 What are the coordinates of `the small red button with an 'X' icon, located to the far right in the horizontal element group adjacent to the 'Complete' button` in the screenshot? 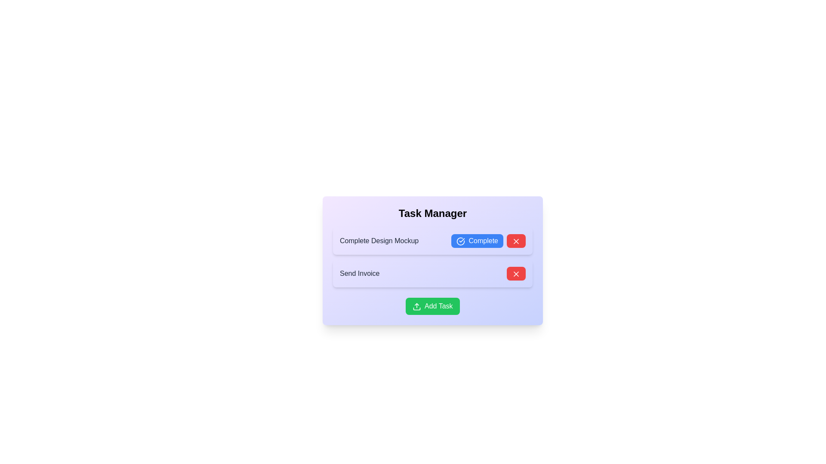 It's located at (516, 241).